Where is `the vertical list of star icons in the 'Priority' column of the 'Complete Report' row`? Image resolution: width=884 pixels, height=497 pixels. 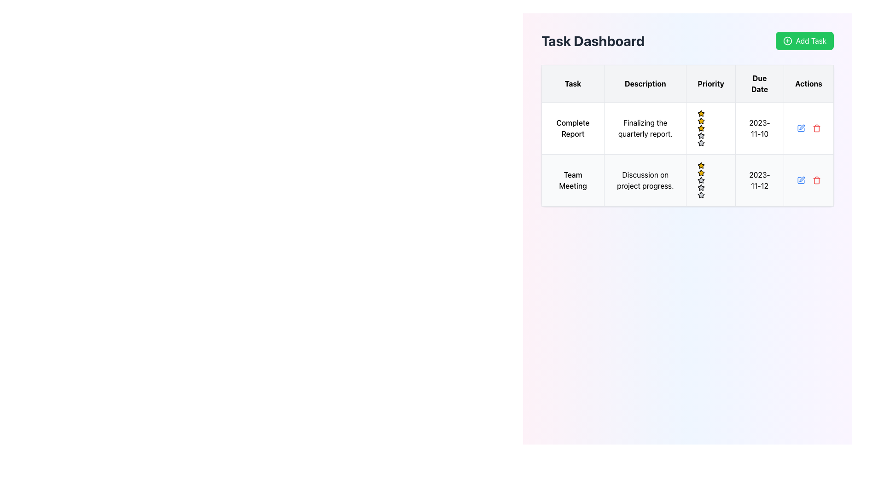 the vertical list of star icons in the 'Priority' column of the 'Complete Report' row is located at coordinates (710, 128).